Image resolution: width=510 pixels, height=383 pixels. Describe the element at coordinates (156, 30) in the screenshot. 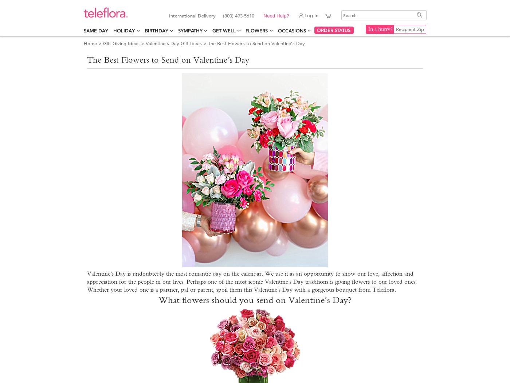

I see `'Birthday'` at that location.